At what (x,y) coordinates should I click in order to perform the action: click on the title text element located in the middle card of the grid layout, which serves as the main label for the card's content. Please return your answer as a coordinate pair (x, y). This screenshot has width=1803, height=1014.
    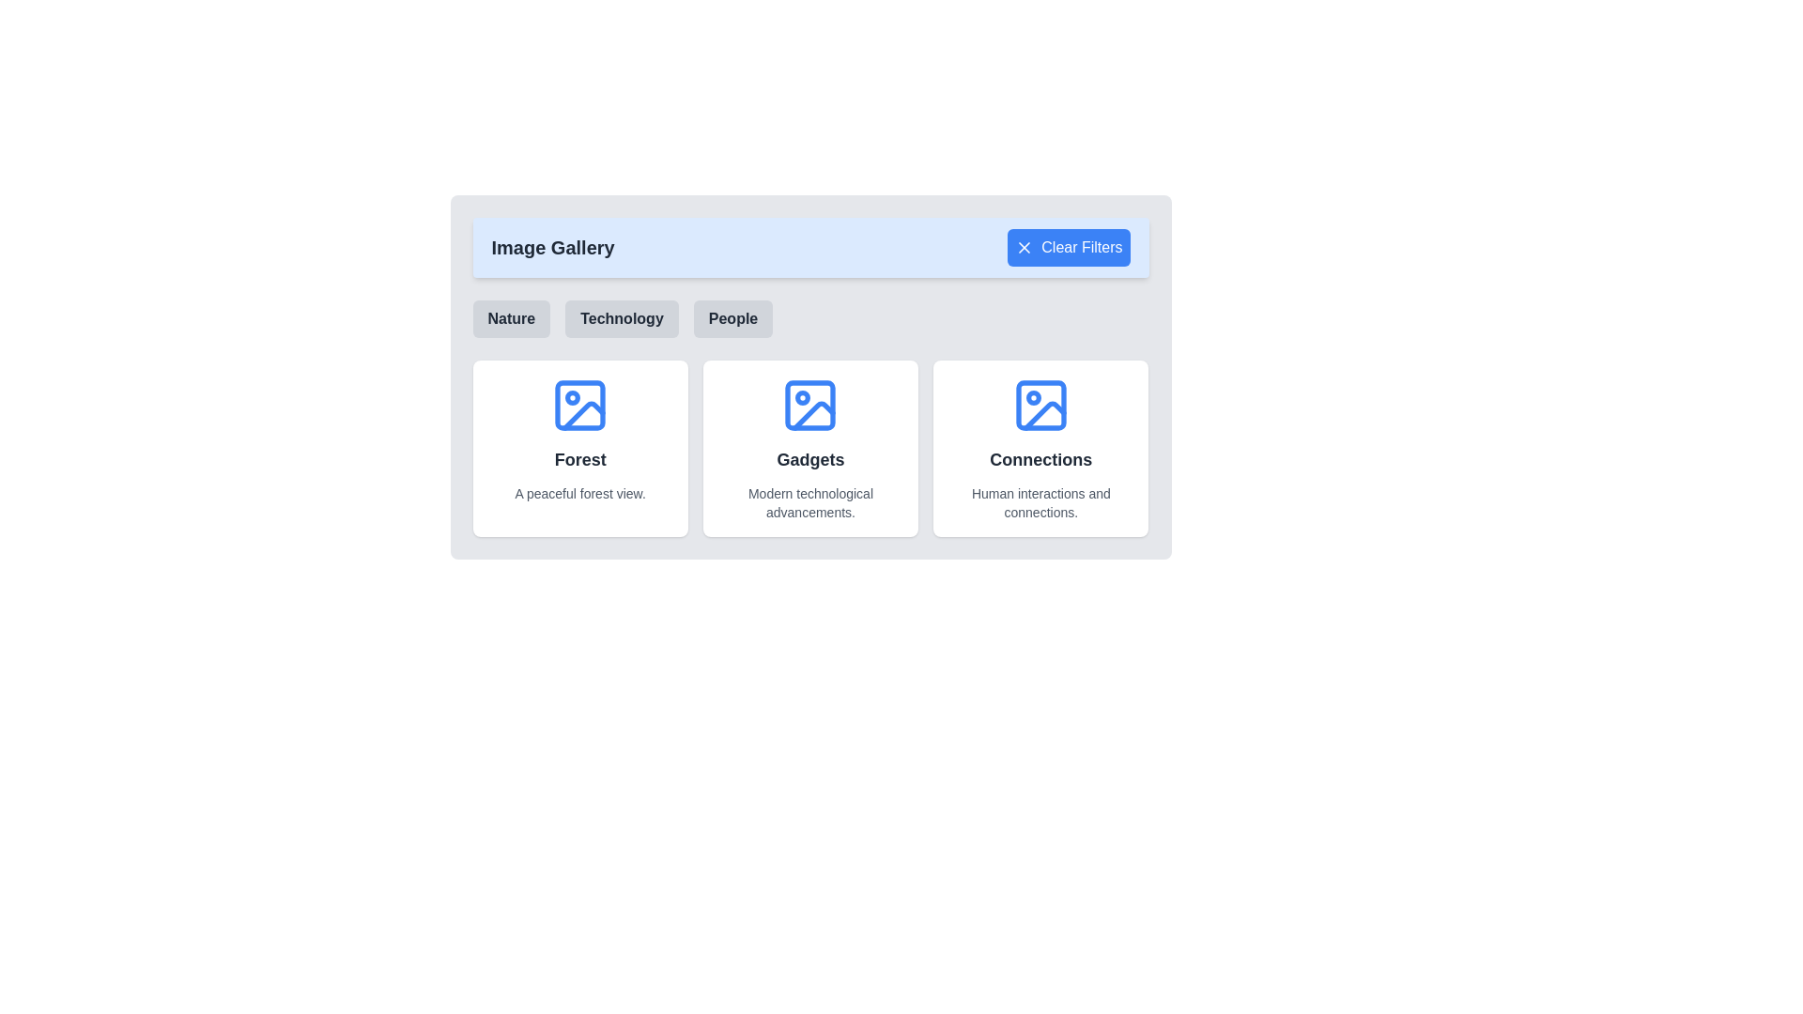
    Looking at the image, I should click on (810, 459).